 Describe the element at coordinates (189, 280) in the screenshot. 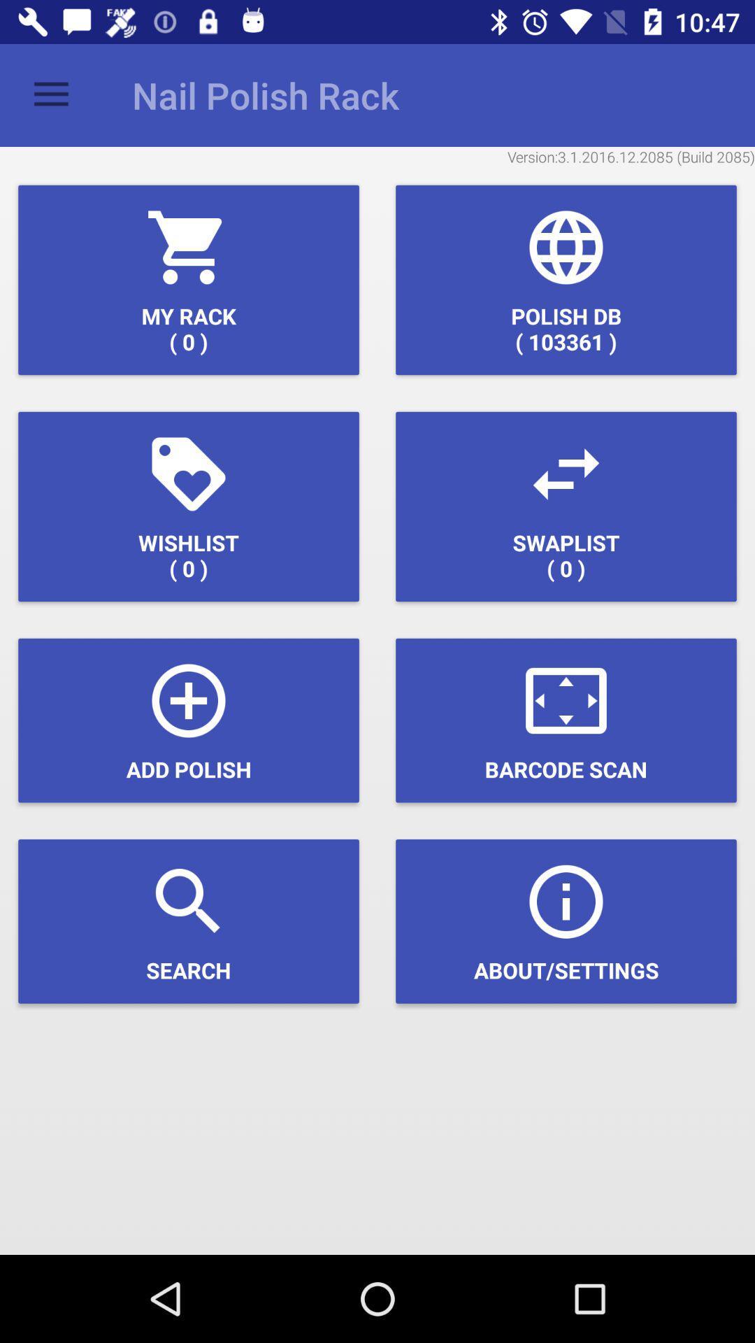

I see `the my rack` at that location.